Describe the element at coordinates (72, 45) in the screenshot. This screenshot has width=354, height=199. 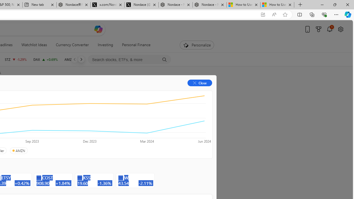
I see `'Currency Converter'` at that location.